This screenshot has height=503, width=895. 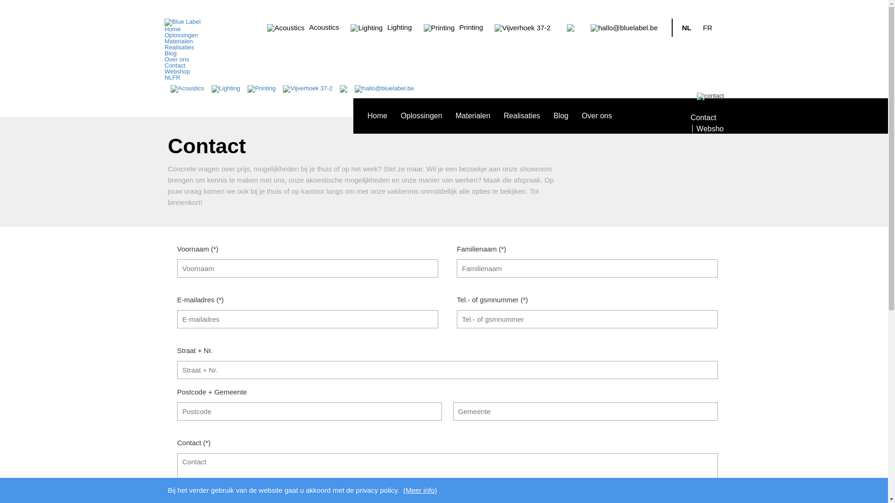 I want to click on 'Blog', so click(x=170, y=53).